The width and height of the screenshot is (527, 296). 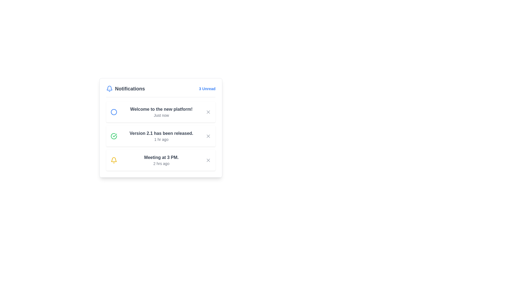 I want to click on the 'Notifications' text label with the blue bell icon located at the top-left corner of the notification panel, so click(x=125, y=89).